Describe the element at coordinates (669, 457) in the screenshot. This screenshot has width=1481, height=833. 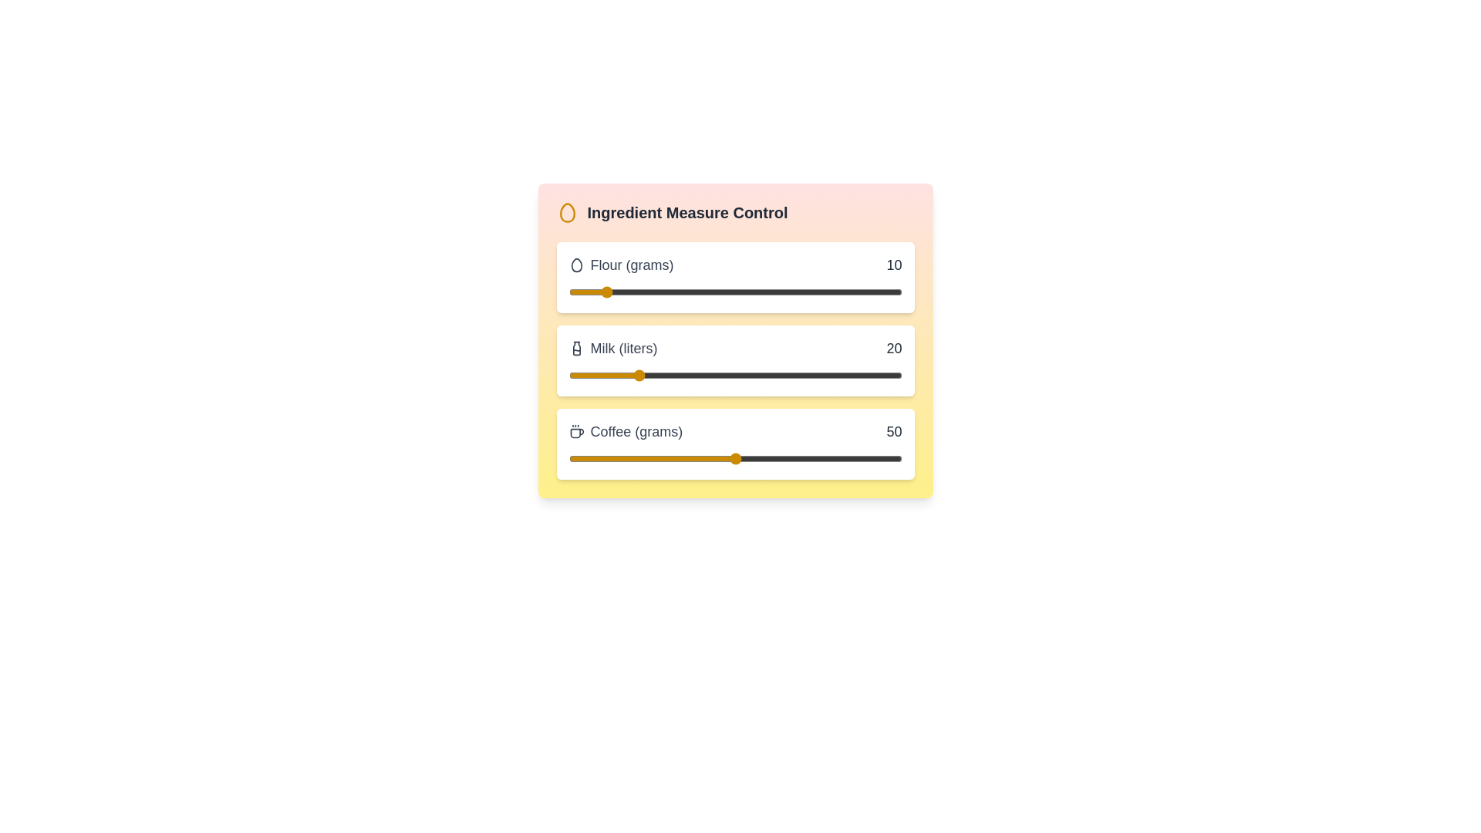
I see `the coffee amount` at that location.